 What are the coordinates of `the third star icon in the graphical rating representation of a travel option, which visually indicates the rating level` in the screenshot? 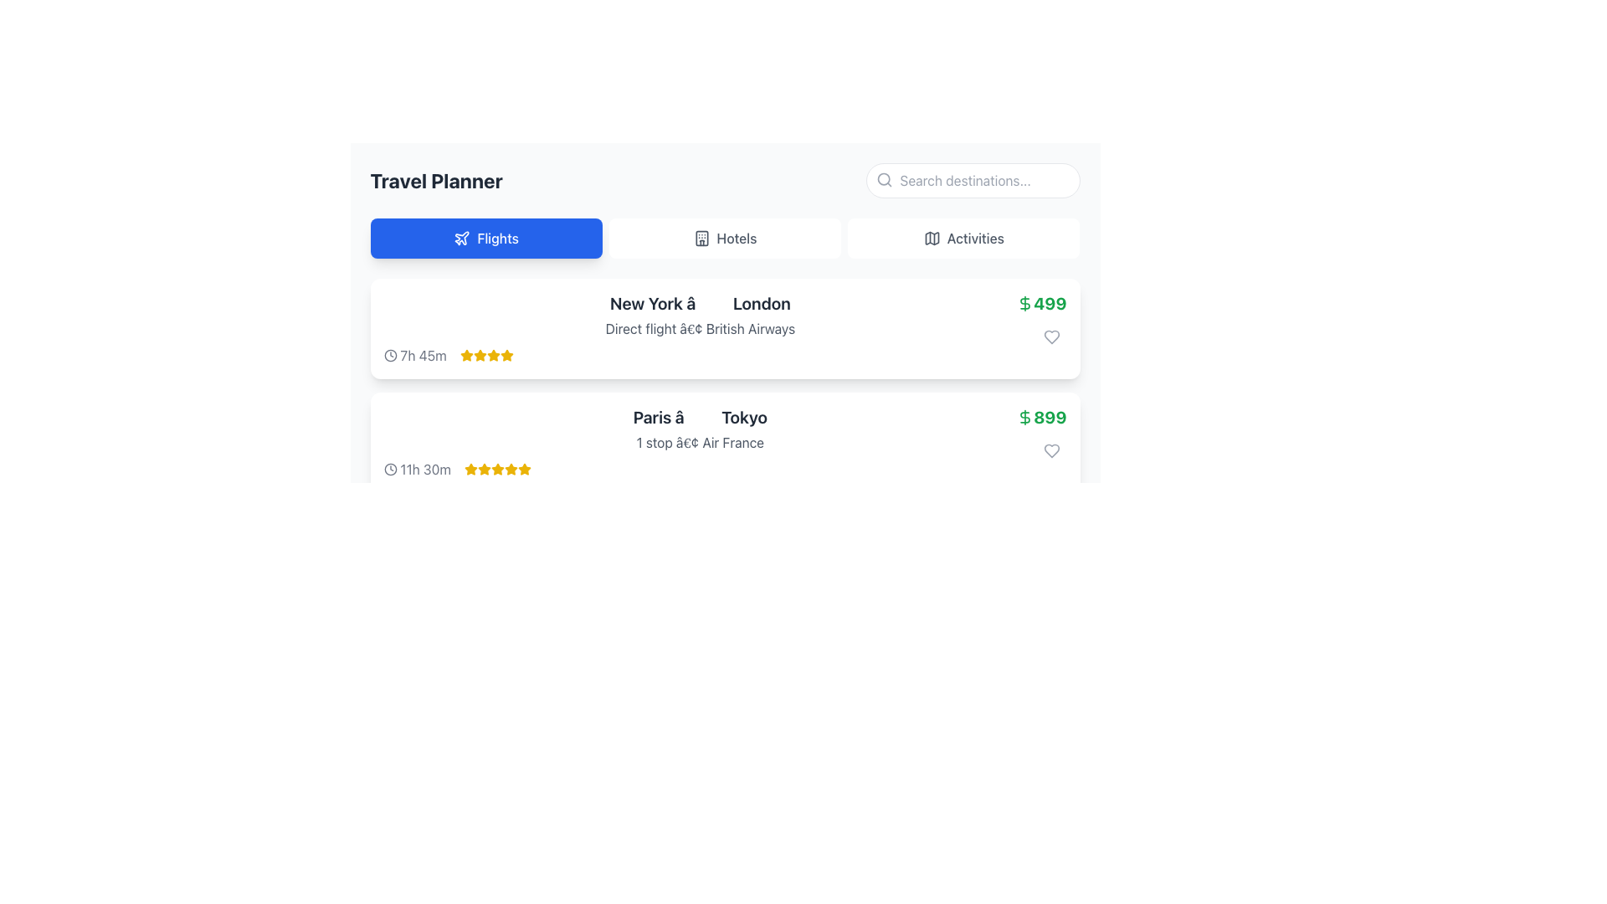 It's located at (492, 354).